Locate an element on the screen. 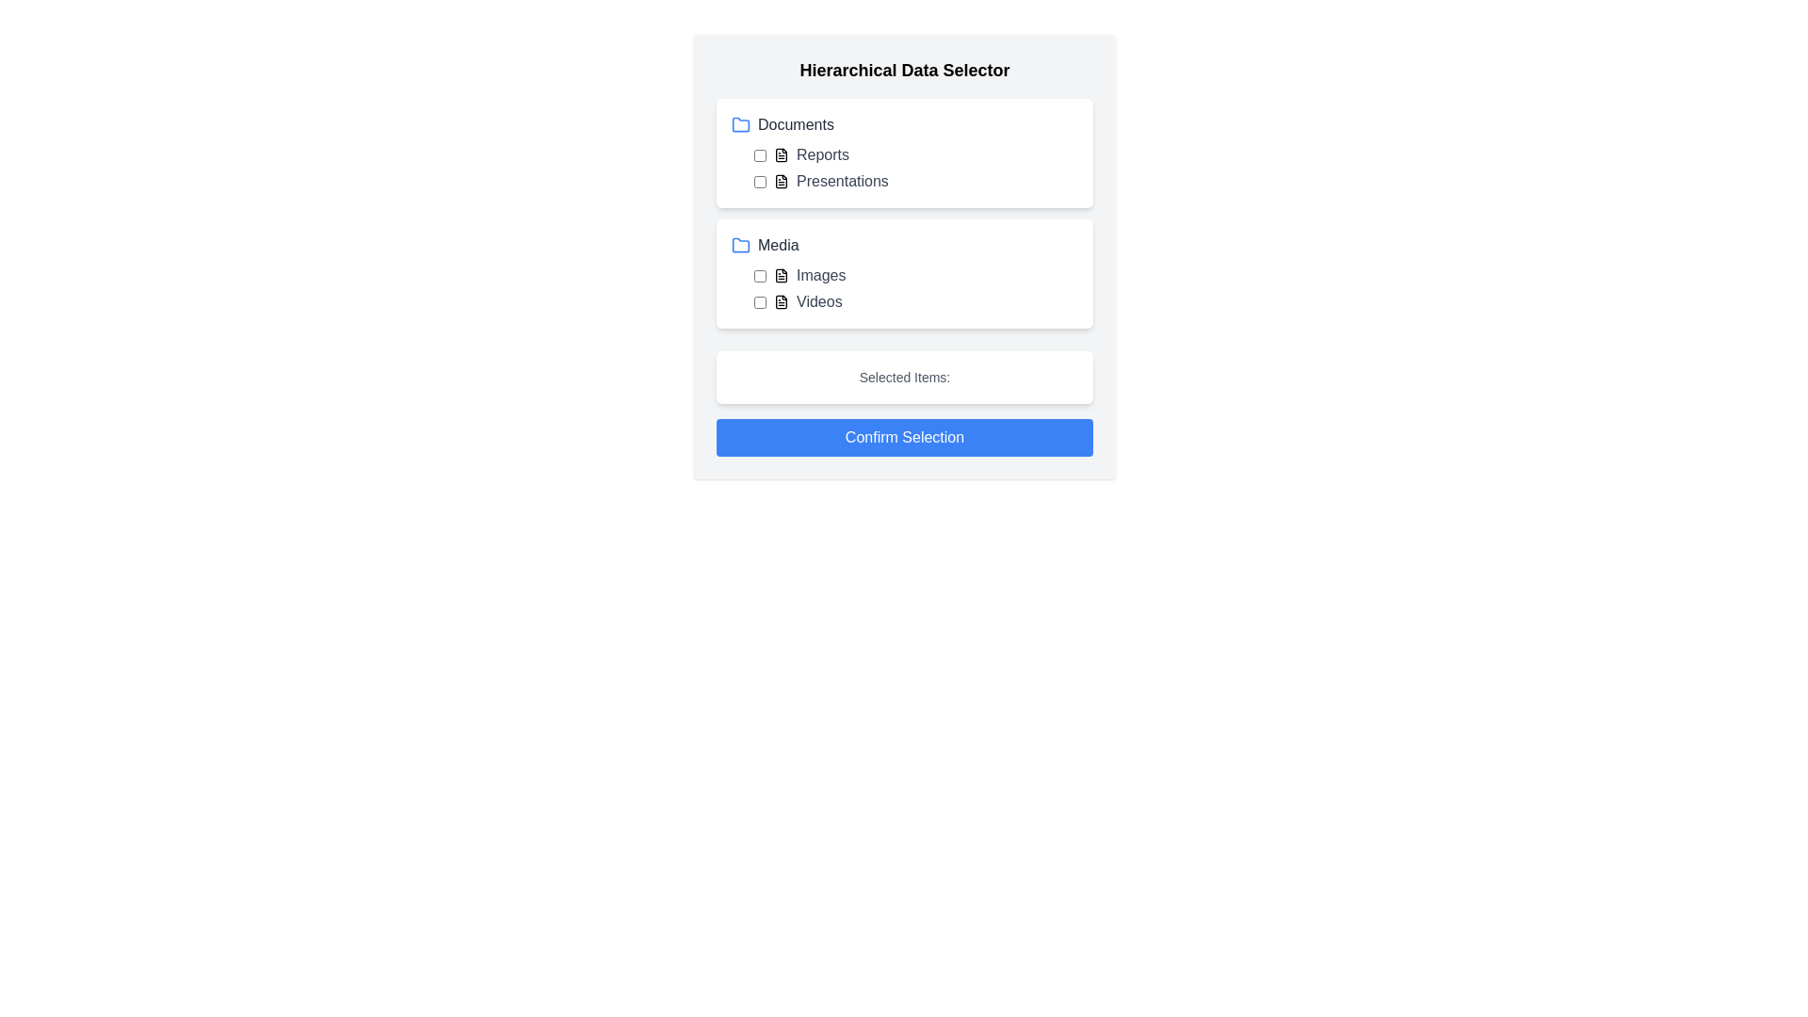  the document icon representing the 'Presentations' category, located to the left of the 'Presentations' text and adjacent to the selectable checkbox in the 'Documents' section is located at coordinates (782, 181).